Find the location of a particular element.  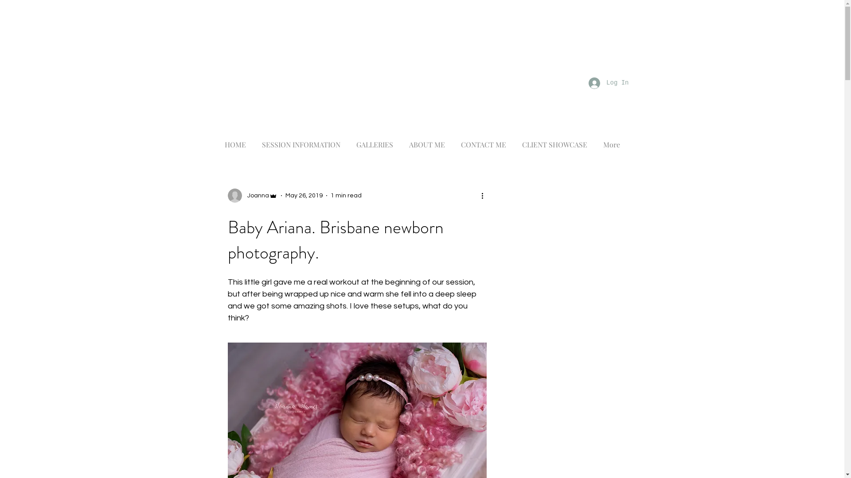

'GALLERIES' is located at coordinates (375, 146).